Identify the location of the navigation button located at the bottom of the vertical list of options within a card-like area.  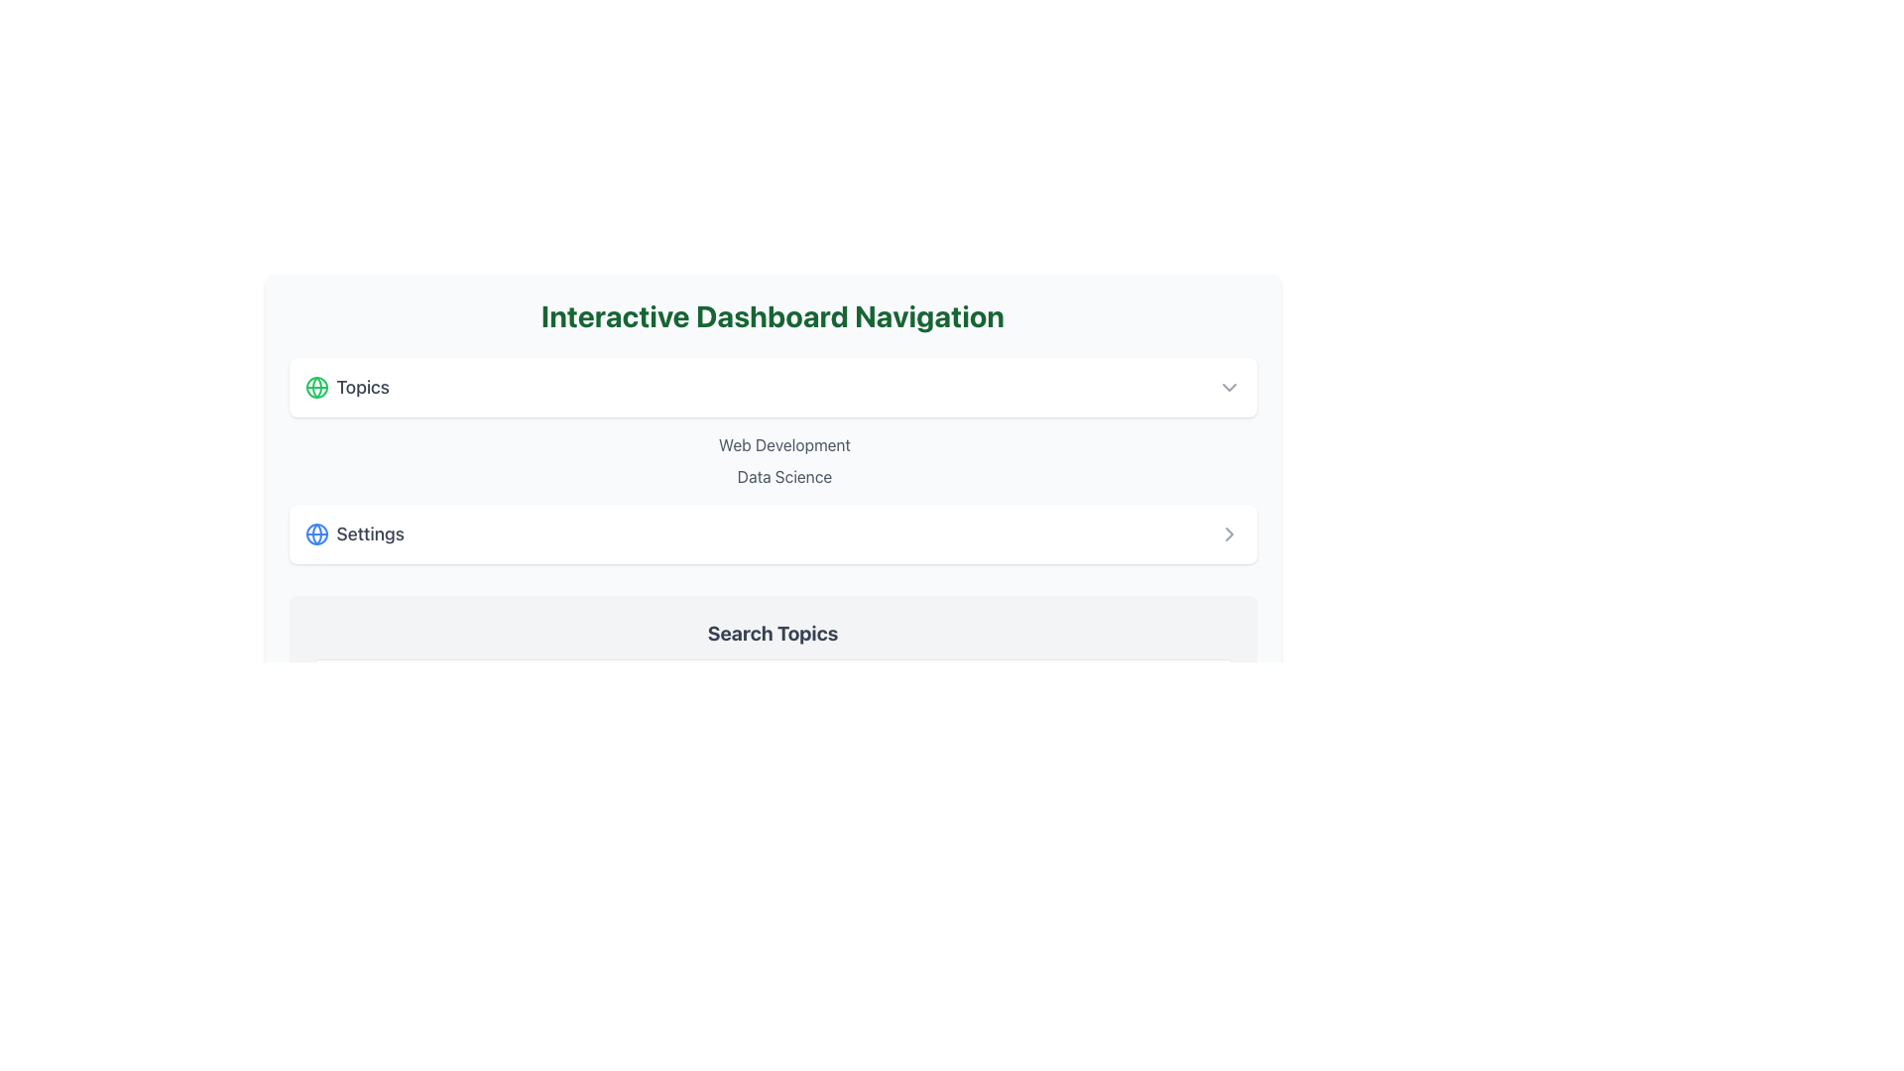
(772, 534).